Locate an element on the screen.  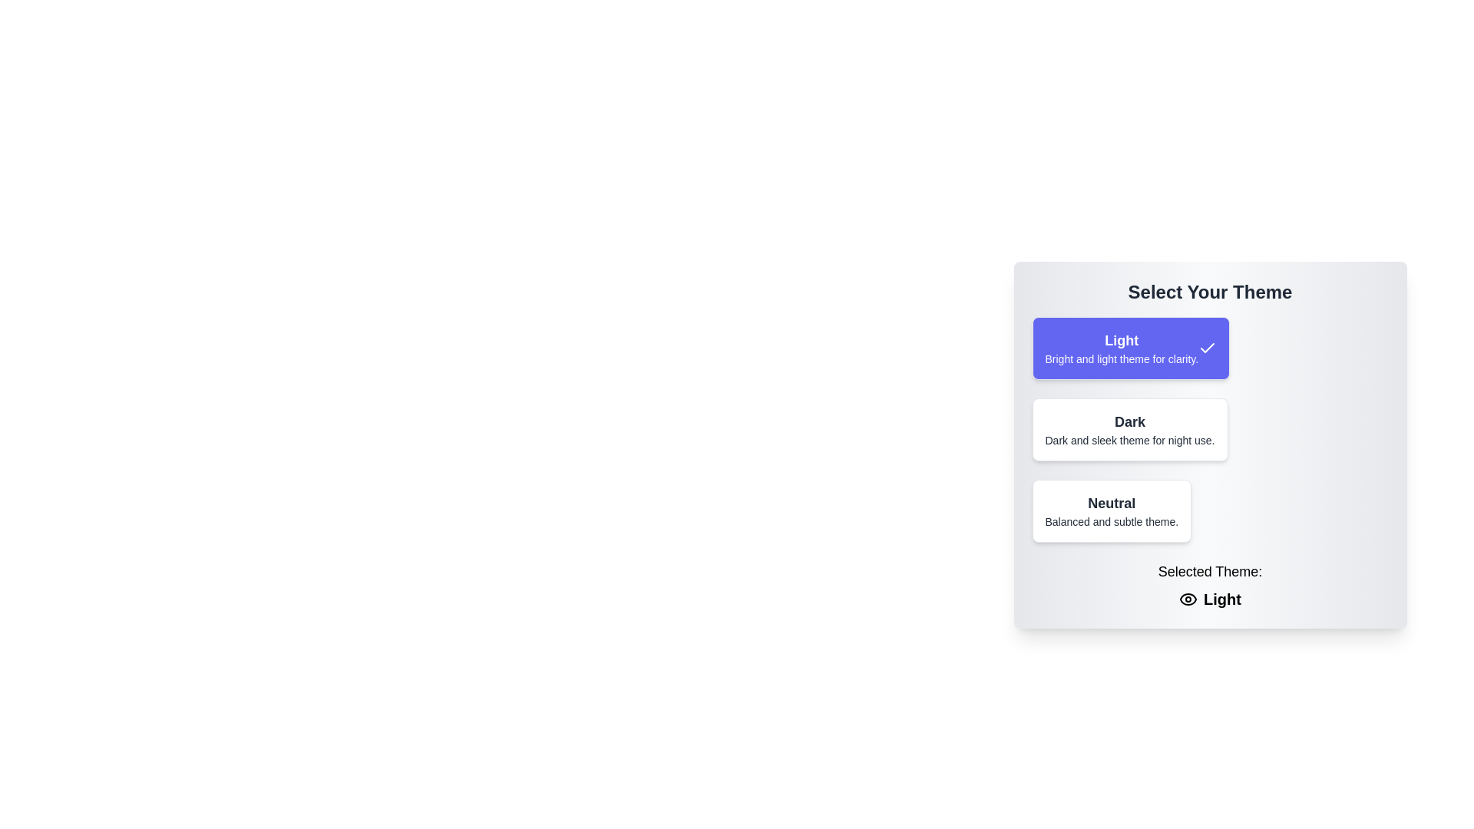
the text with the title 'Dark' and subtitle 'Dark and sleek theme for night use.' is located at coordinates (1130, 429).